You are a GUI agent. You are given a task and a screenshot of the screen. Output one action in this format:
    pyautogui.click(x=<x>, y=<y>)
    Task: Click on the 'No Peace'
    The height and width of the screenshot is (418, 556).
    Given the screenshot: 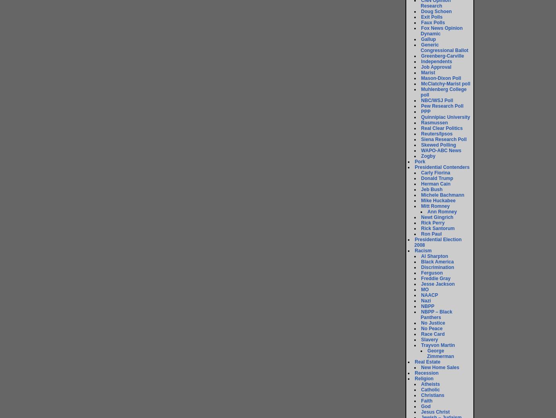 What is the action you would take?
    pyautogui.click(x=431, y=328)
    